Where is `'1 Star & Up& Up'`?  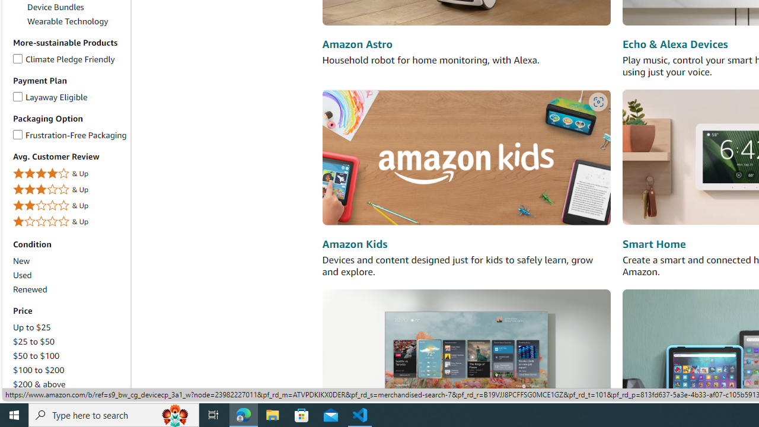
'1 Star & Up& Up' is located at coordinates (69, 222).